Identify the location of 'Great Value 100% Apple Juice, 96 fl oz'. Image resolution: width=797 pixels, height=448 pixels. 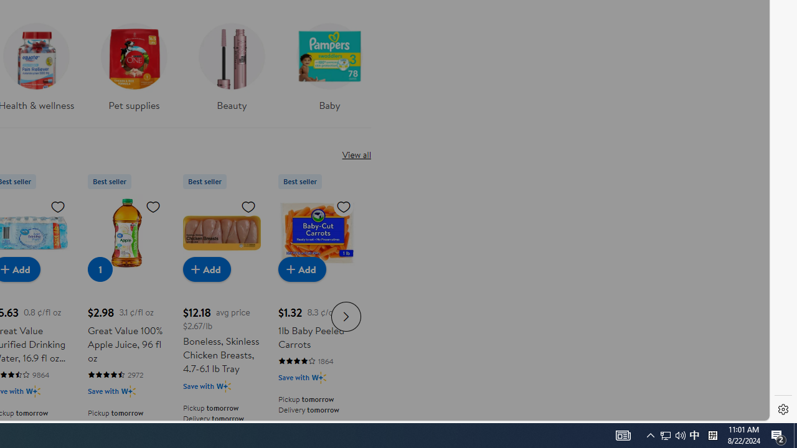
(126, 233).